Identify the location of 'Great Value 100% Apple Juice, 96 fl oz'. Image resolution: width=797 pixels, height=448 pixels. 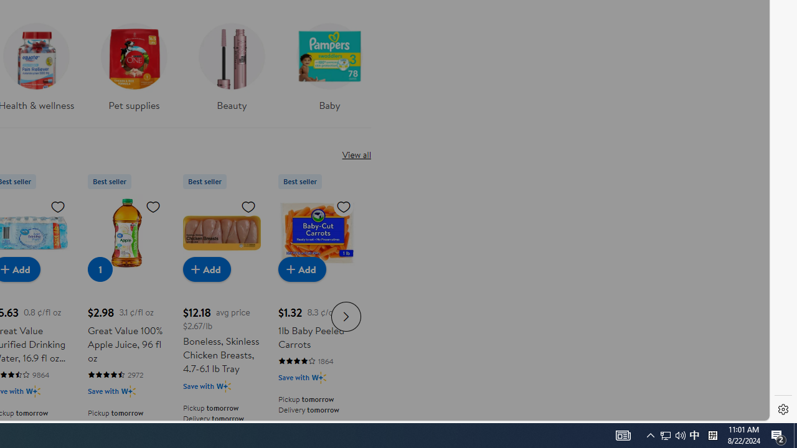
(126, 233).